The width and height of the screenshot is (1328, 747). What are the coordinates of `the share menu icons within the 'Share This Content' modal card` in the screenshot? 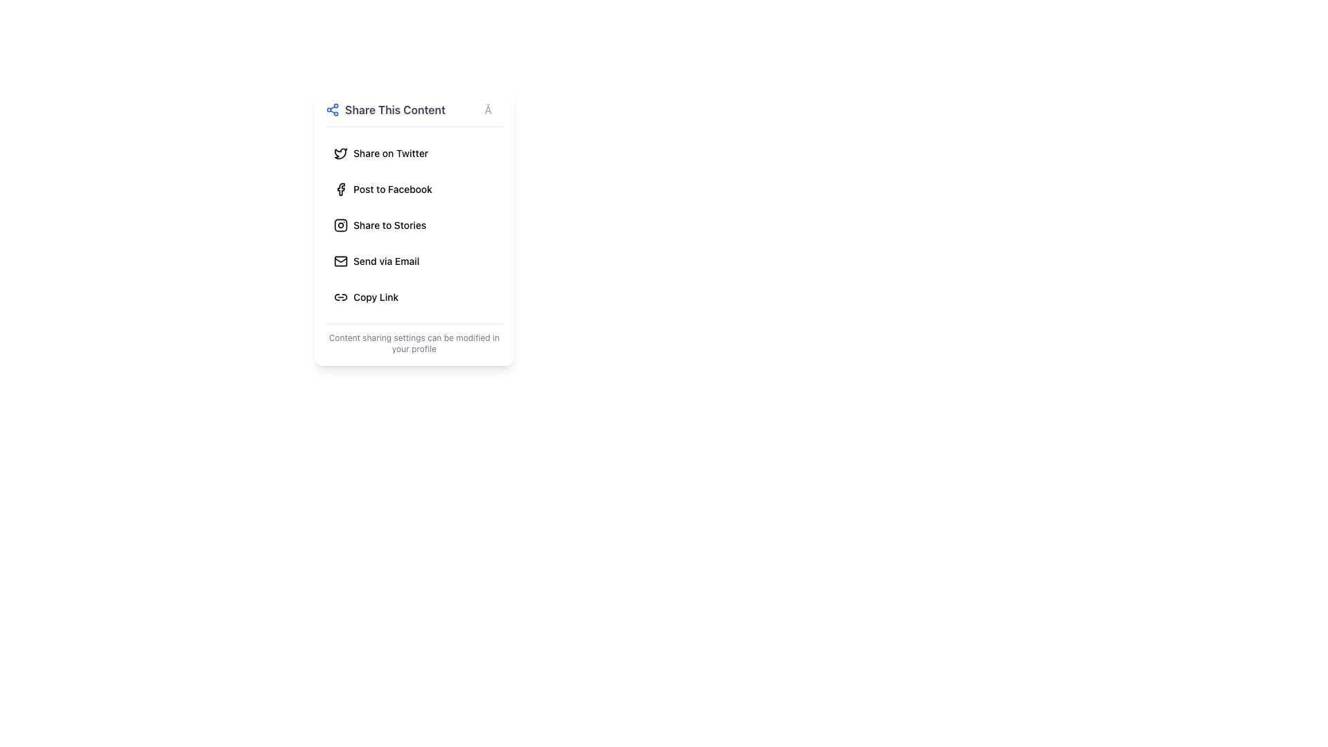 It's located at (414, 228).